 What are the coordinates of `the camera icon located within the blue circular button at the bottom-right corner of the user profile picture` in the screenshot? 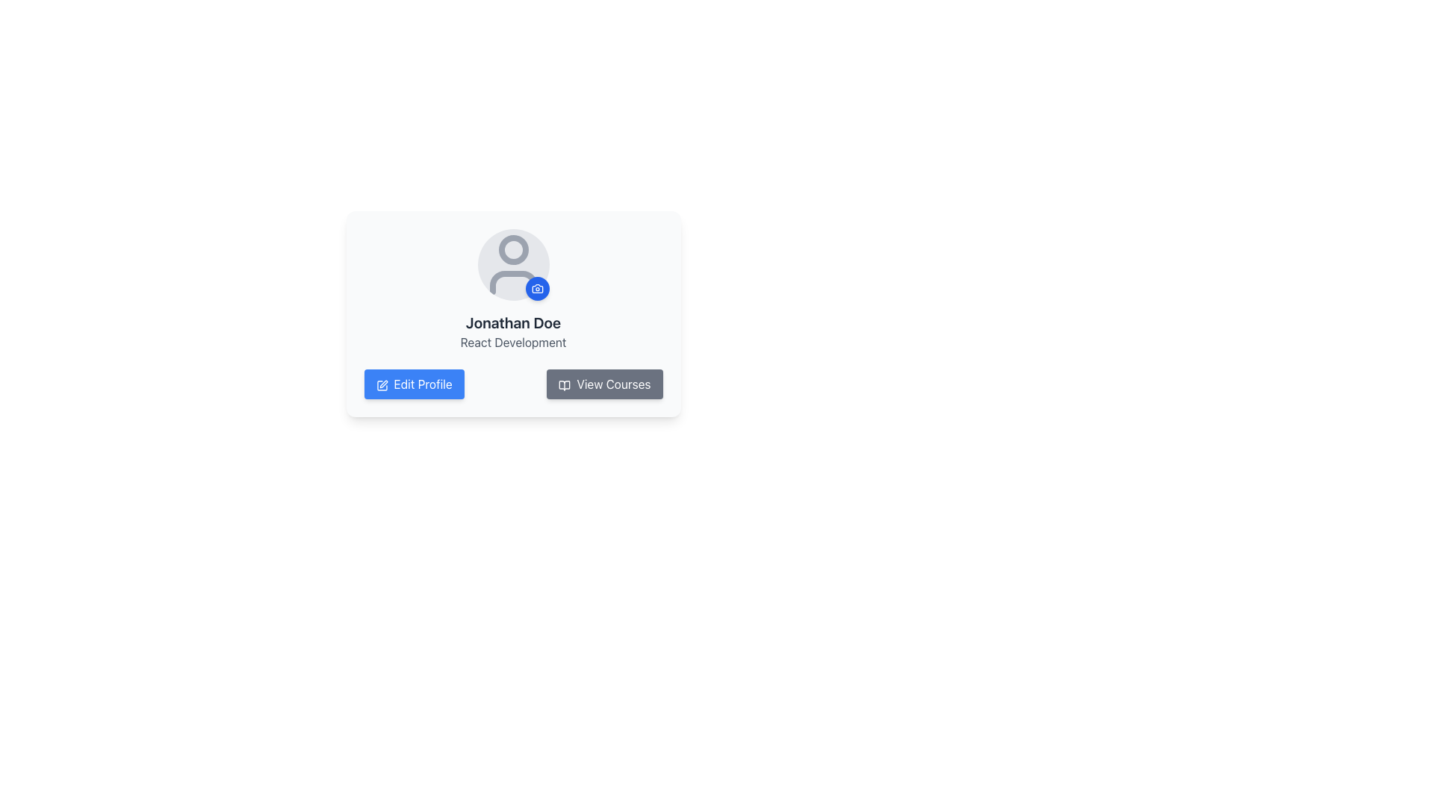 It's located at (537, 288).